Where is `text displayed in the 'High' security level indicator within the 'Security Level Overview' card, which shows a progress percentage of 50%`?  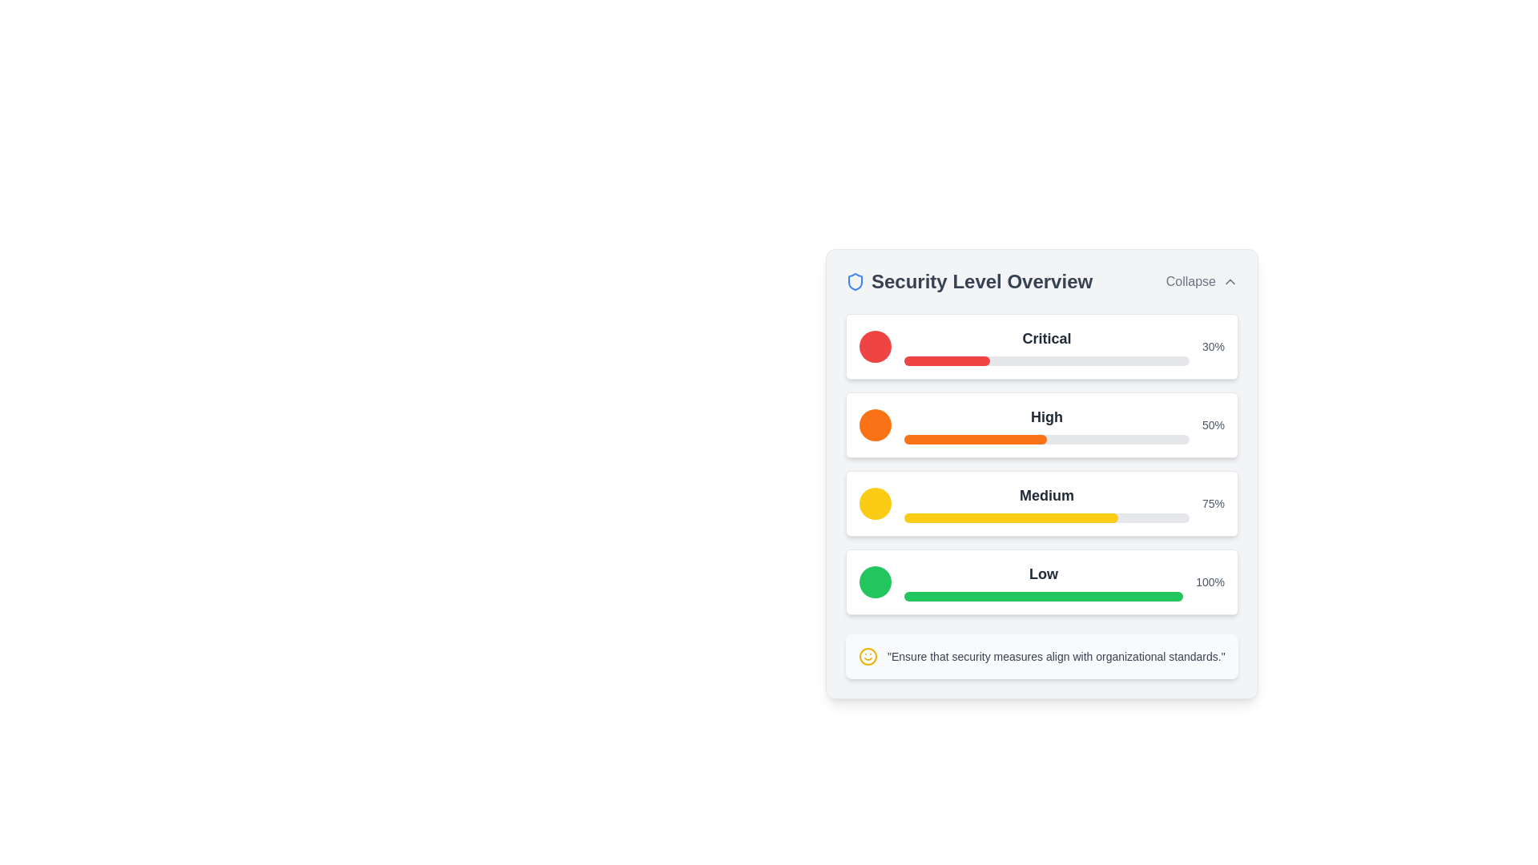
text displayed in the 'High' security level indicator within the 'Security Level Overview' card, which shows a progress percentage of 50% is located at coordinates (1046, 424).